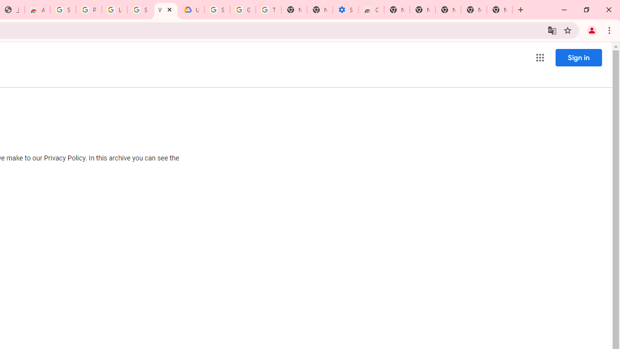  Describe the element at coordinates (37, 10) in the screenshot. I see `'Awesome Screen Recorder & Screenshot - Chrome Web Store'` at that location.